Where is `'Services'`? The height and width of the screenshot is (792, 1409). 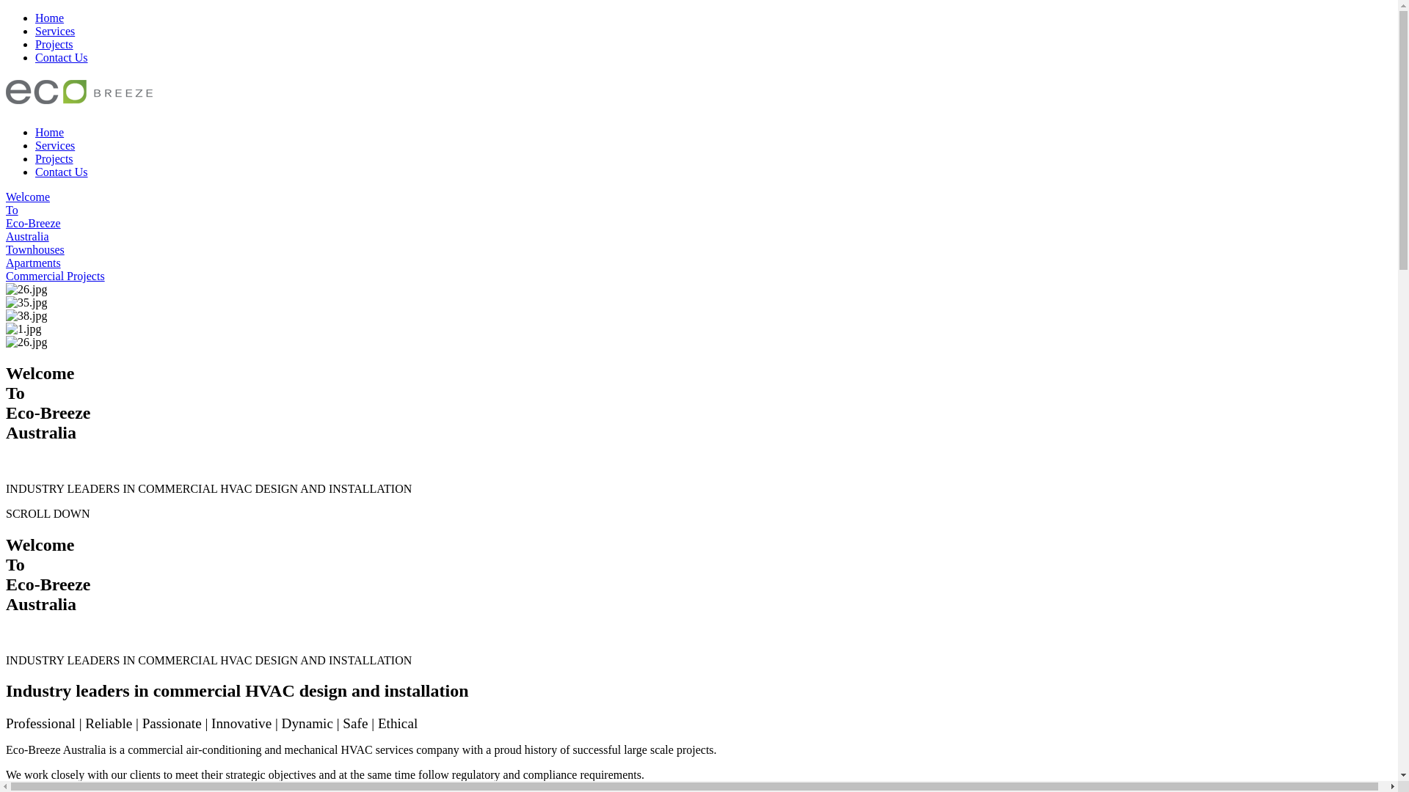 'Services' is located at coordinates (55, 31).